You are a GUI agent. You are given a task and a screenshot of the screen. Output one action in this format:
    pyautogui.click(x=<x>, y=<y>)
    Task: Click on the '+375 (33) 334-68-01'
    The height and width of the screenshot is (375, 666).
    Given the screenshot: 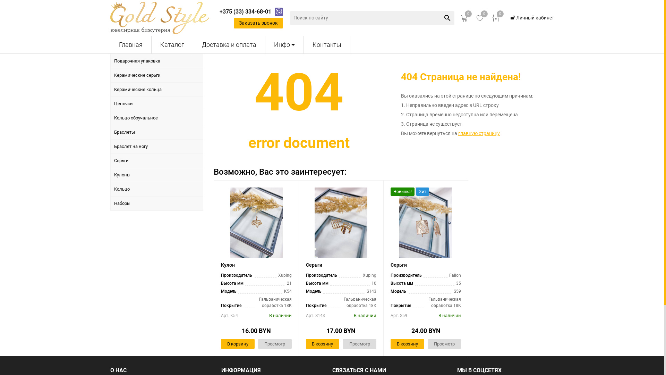 What is the action you would take?
    pyautogui.click(x=245, y=12)
    